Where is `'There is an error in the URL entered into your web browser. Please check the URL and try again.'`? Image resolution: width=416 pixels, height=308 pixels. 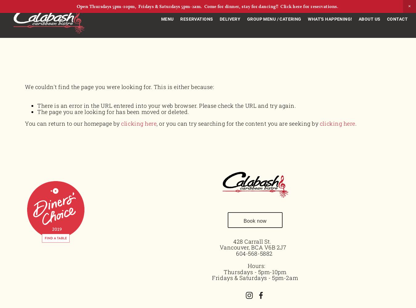
'There is an error in the URL entered into your web browser. Please check the URL and try again.' is located at coordinates (166, 105).